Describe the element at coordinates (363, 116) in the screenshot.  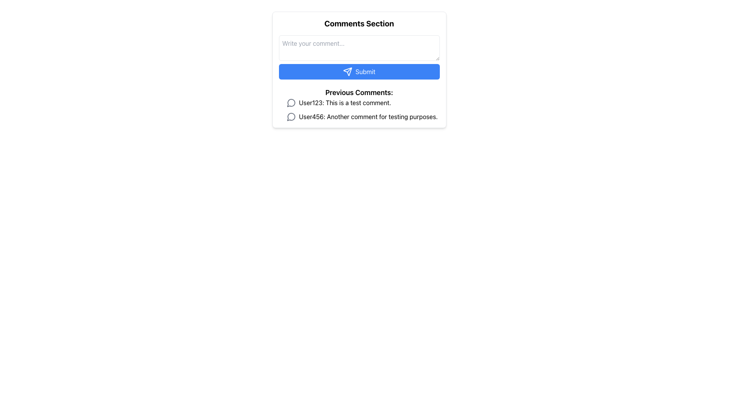
I see `the icon accompanying the comment from 'User456' which is the second comment listed under 'Previous Comments:'` at that location.